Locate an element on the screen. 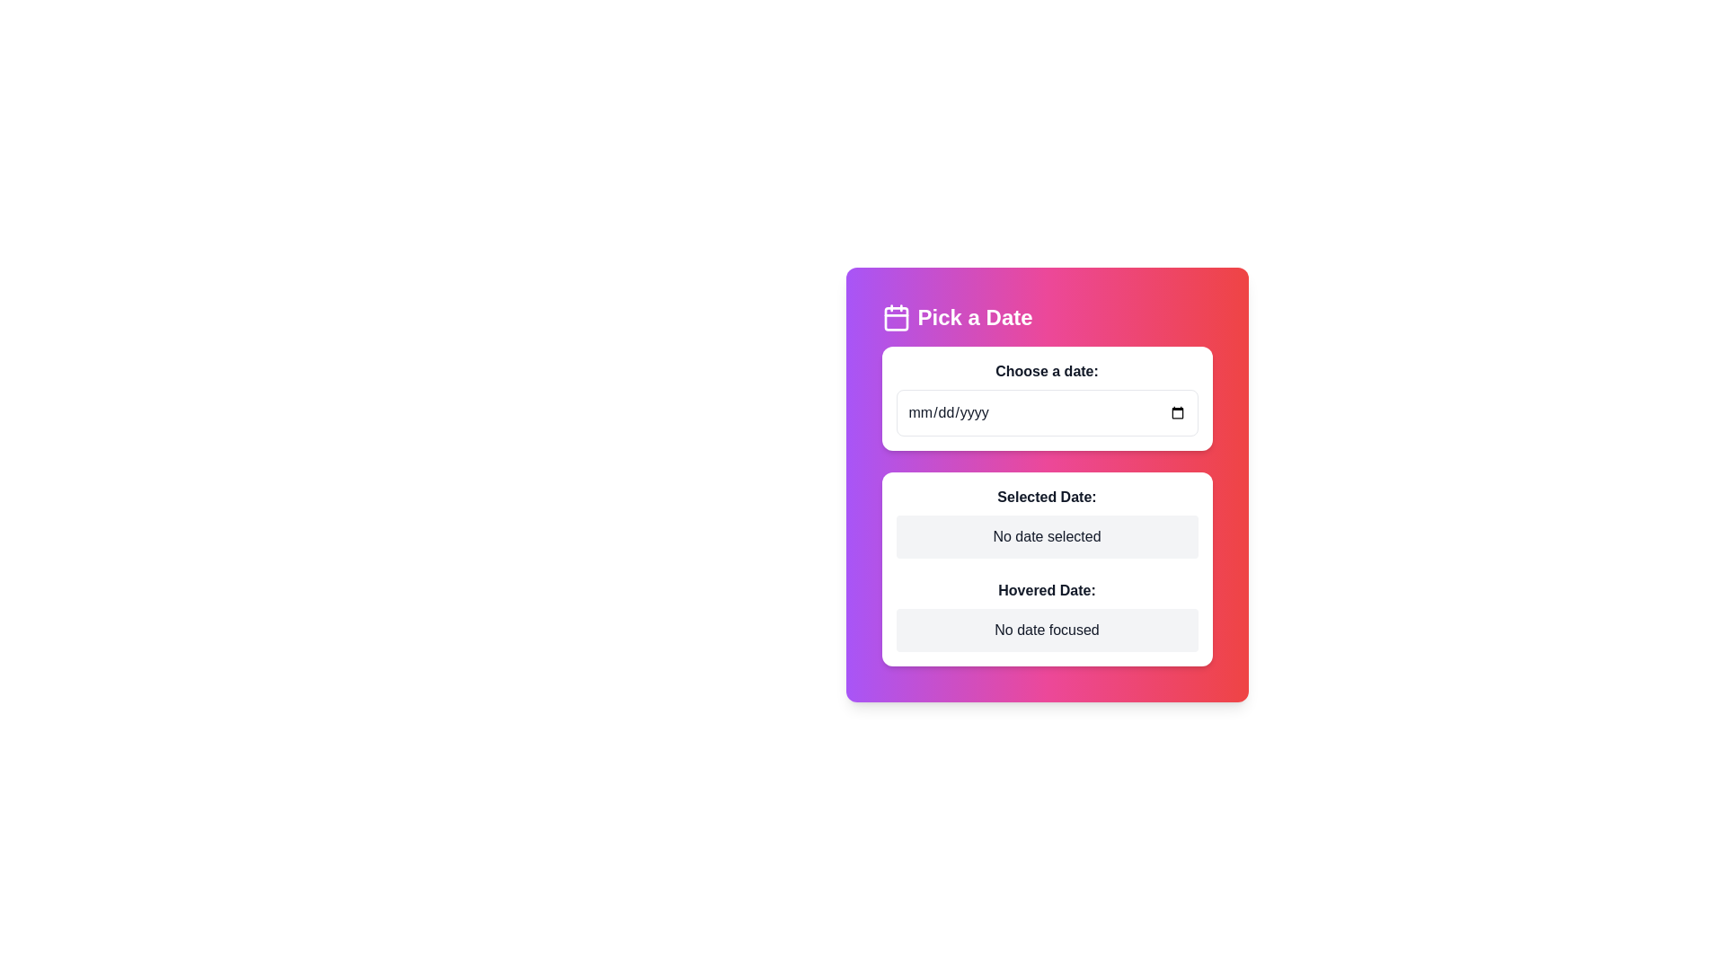 Image resolution: width=1725 pixels, height=970 pixels. the text label reading 'Selected Date:' which is styled with a bold font and is positioned above 'No date selected' is located at coordinates (1047, 498).